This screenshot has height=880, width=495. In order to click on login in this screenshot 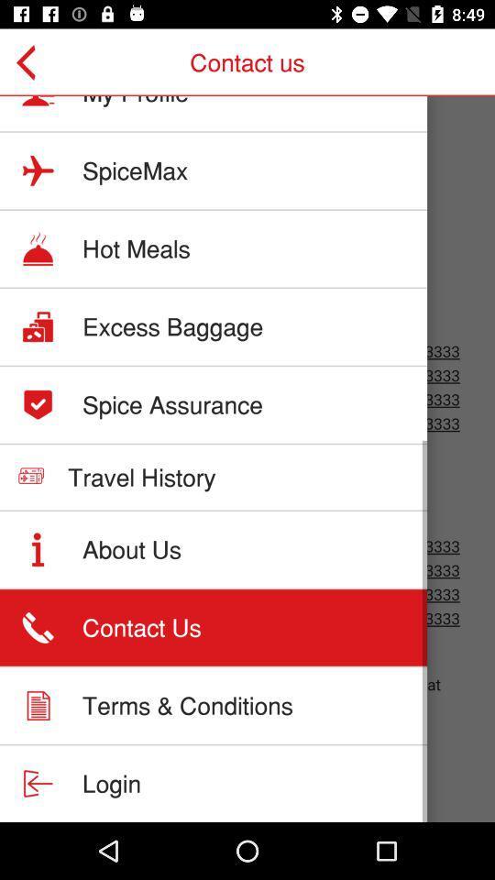, I will do `click(112, 782)`.